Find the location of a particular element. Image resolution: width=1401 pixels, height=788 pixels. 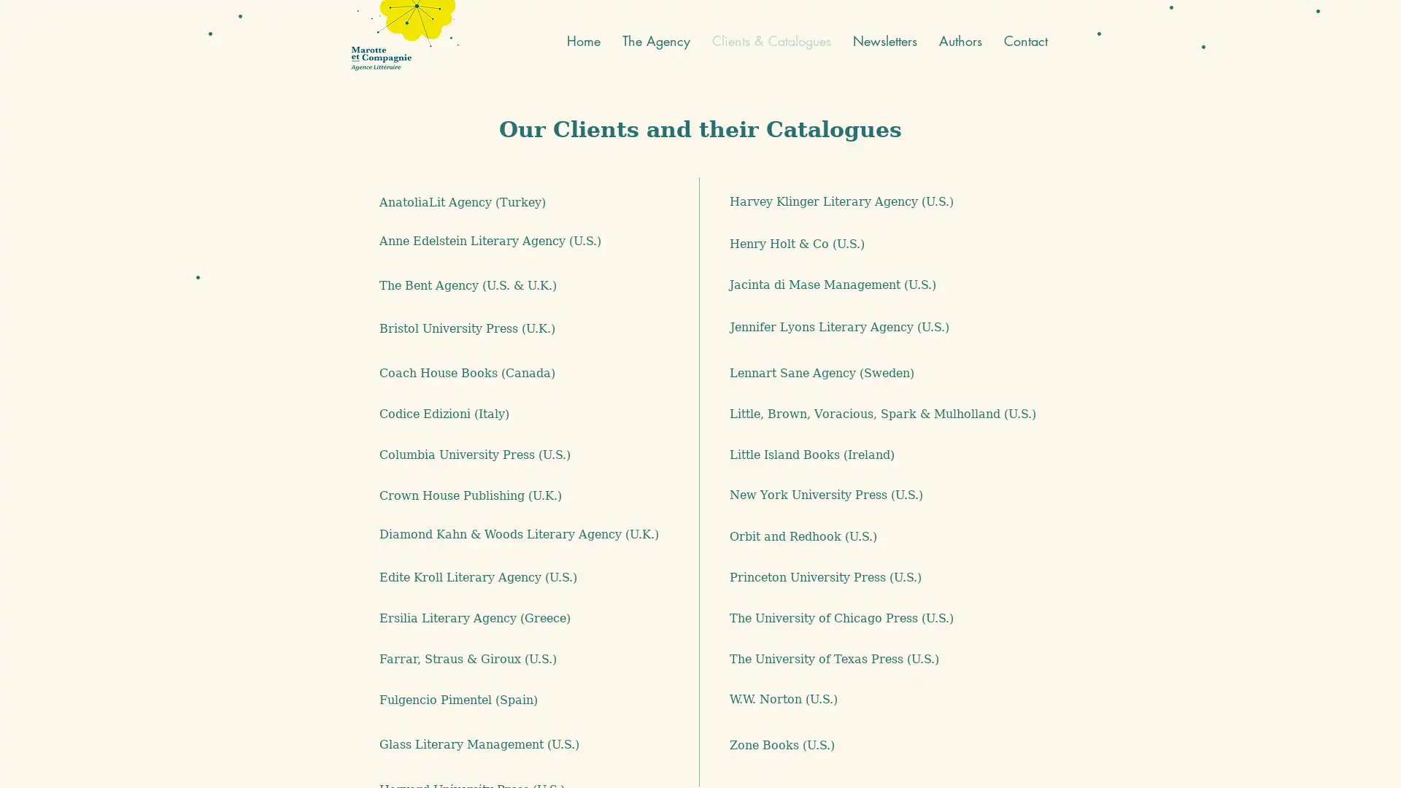

French is located at coordinates (487, 40).